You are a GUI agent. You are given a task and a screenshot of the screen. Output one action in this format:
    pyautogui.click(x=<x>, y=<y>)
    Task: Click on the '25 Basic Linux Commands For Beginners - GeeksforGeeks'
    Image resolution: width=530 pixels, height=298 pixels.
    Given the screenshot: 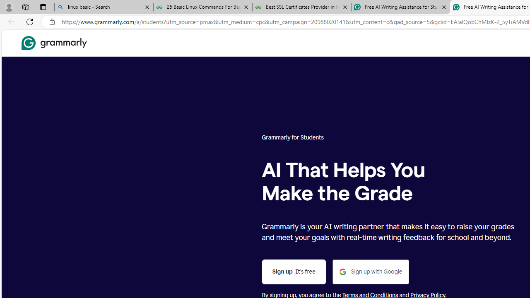 What is the action you would take?
    pyautogui.click(x=203, y=7)
    